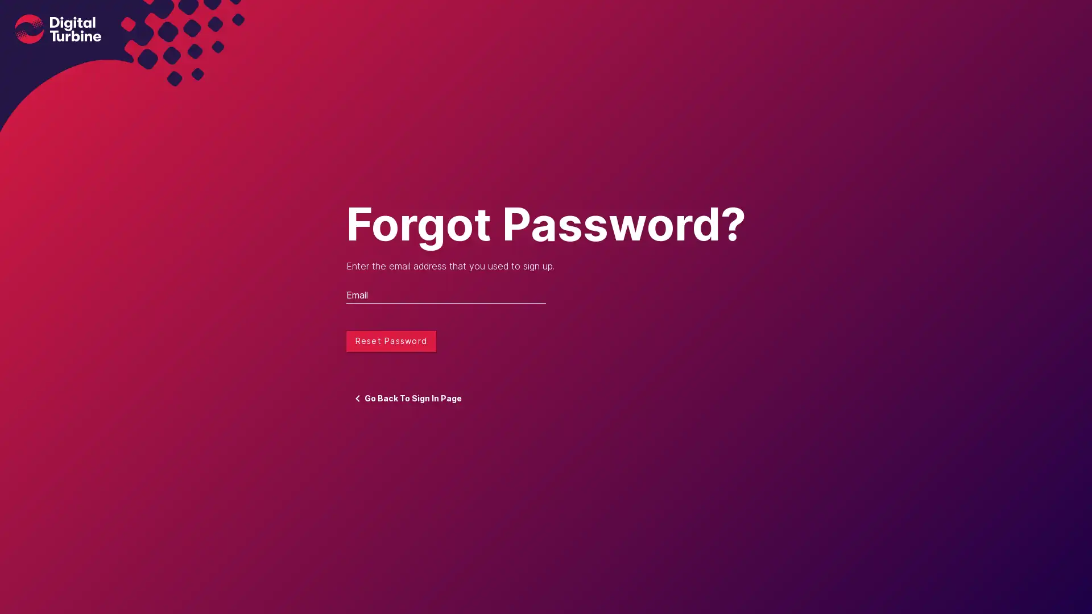  What do you see at coordinates (391, 341) in the screenshot?
I see `Reset Password` at bounding box center [391, 341].